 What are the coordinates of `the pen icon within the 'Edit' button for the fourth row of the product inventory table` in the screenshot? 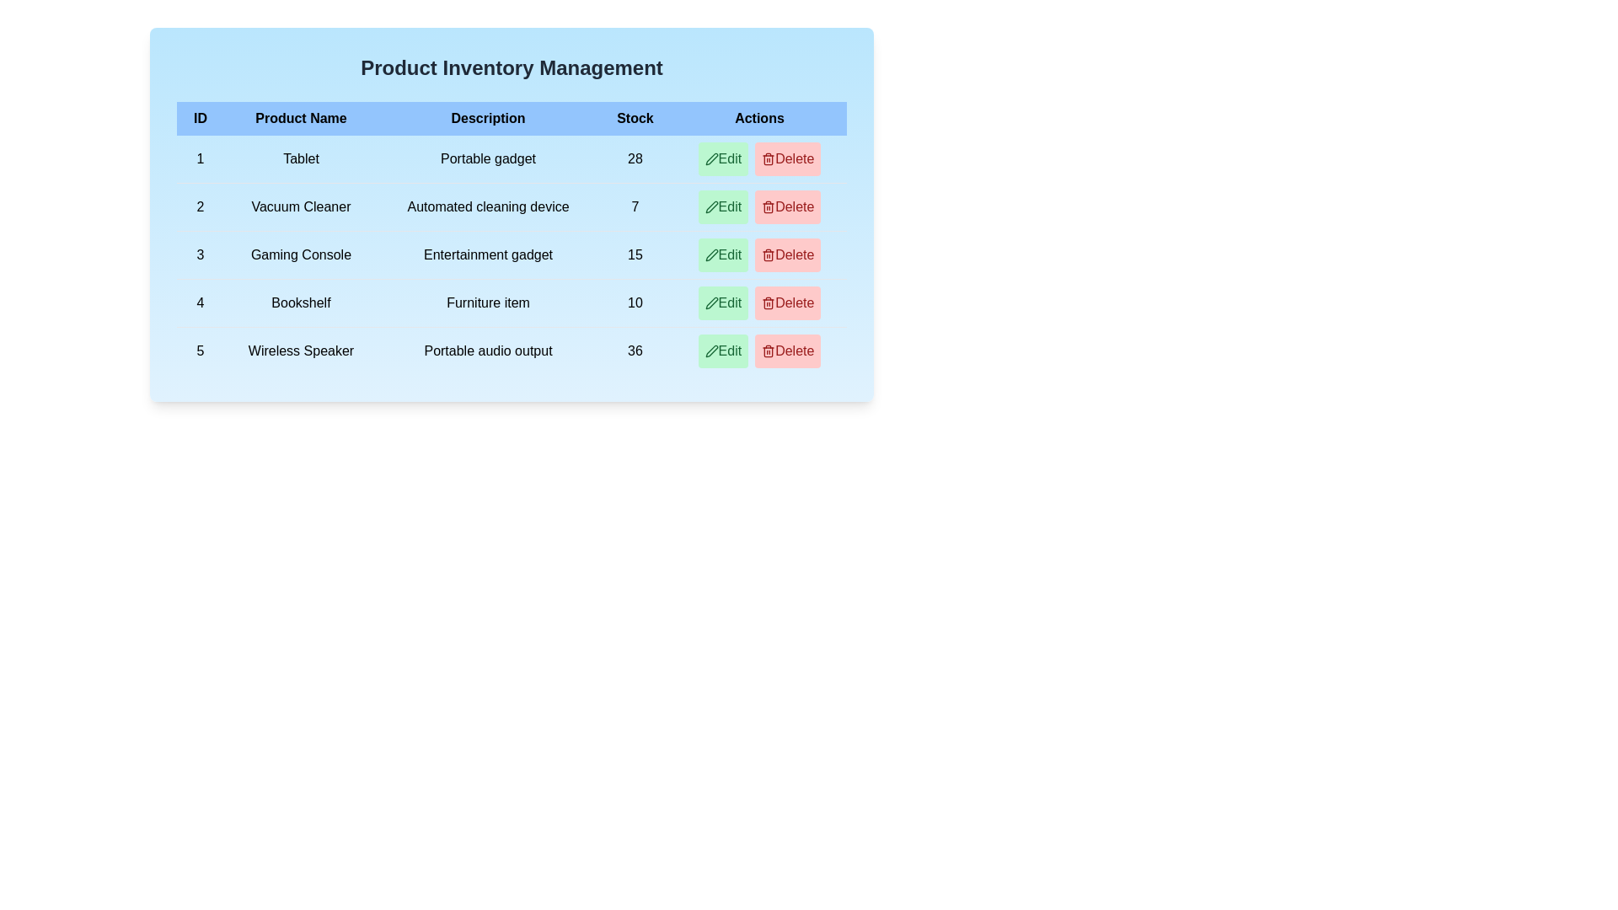 It's located at (711, 302).